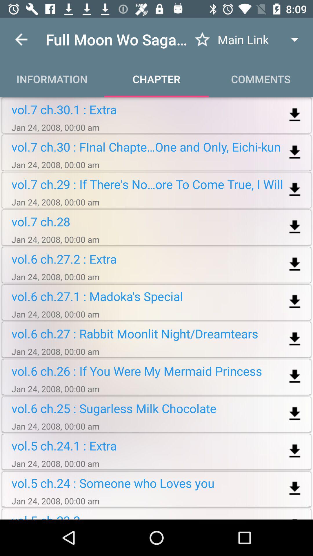 Image resolution: width=313 pixels, height=556 pixels. What do you see at coordinates (295, 190) in the screenshot?
I see `download` at bounding box center [295, 190].